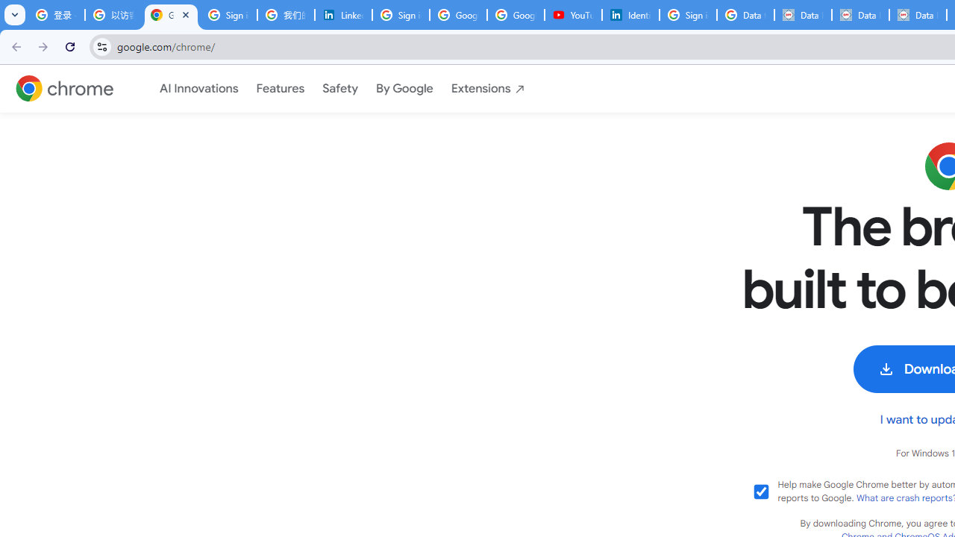 This screenshot has width=955, height=537. What do you see at coordinates (404, 88) in the screenshot?
I see `'By Google'` at bounding box center [404, 88].